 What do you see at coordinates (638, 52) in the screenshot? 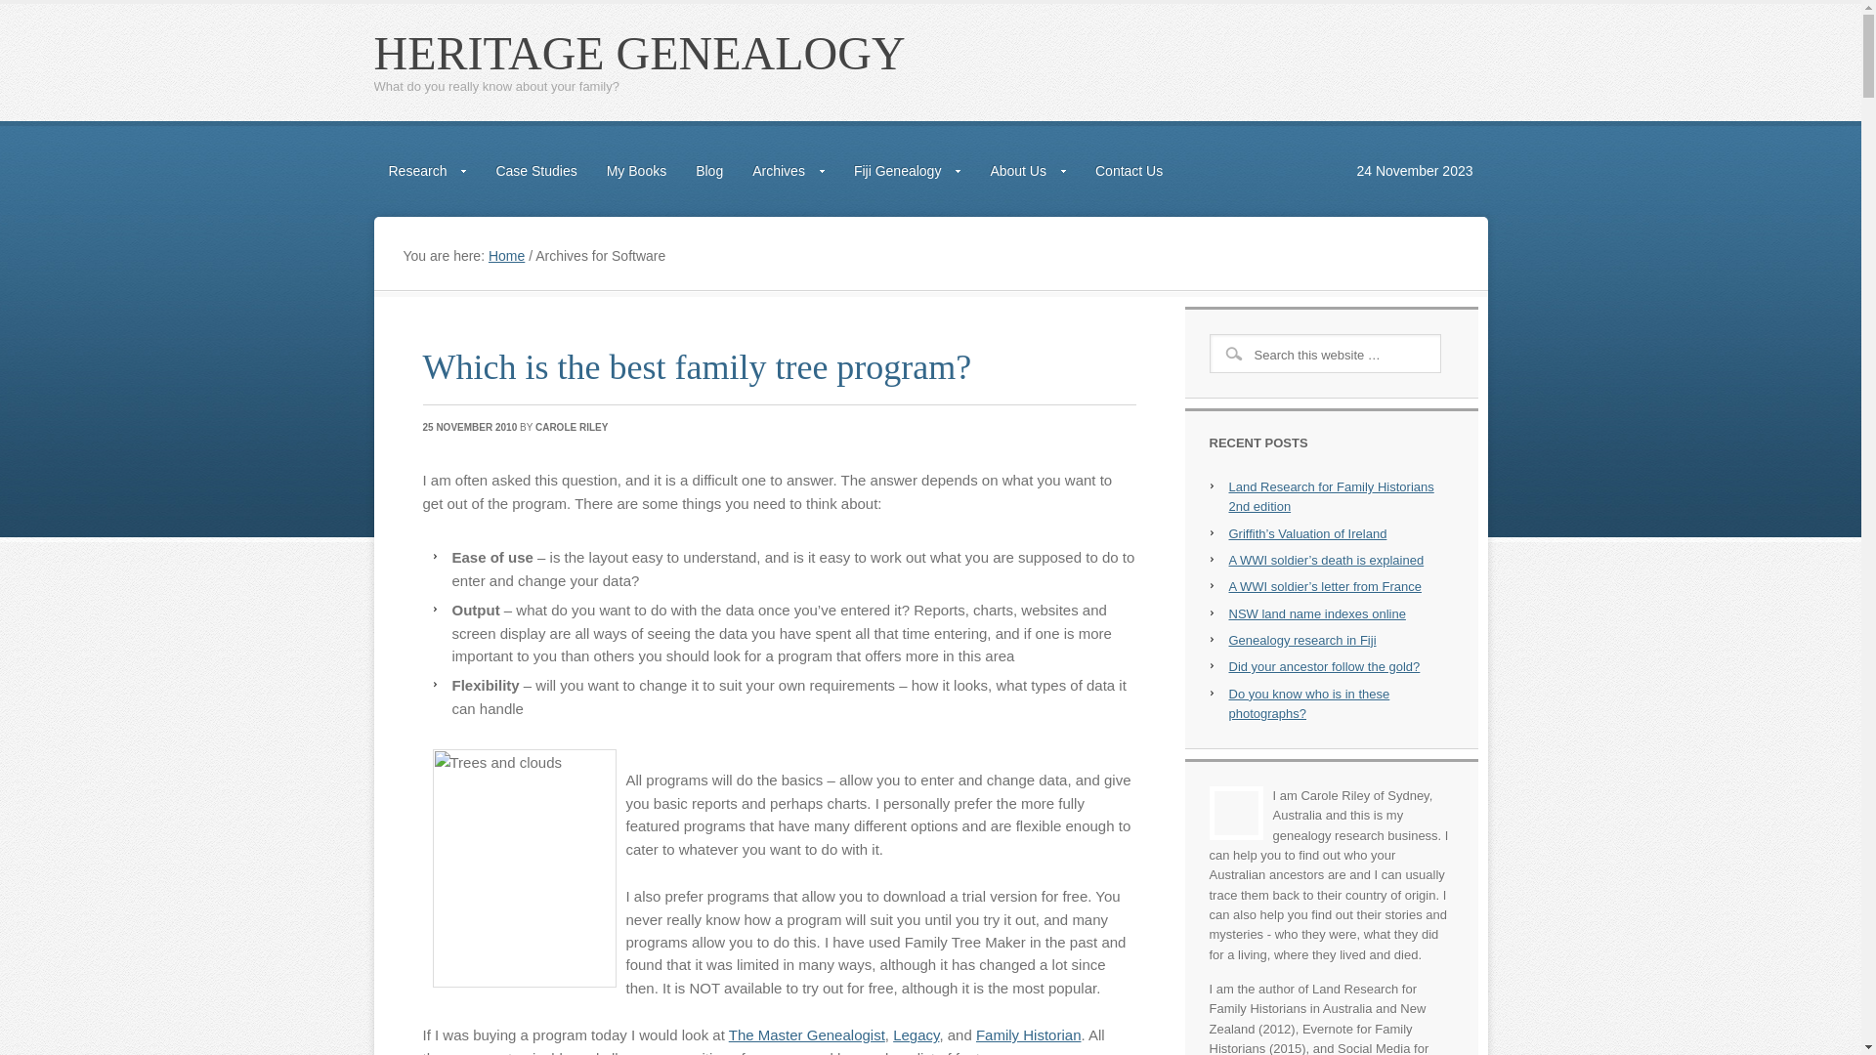
I see `'HERITAGE GENEALOGY'` at bounding box center [638, 52].